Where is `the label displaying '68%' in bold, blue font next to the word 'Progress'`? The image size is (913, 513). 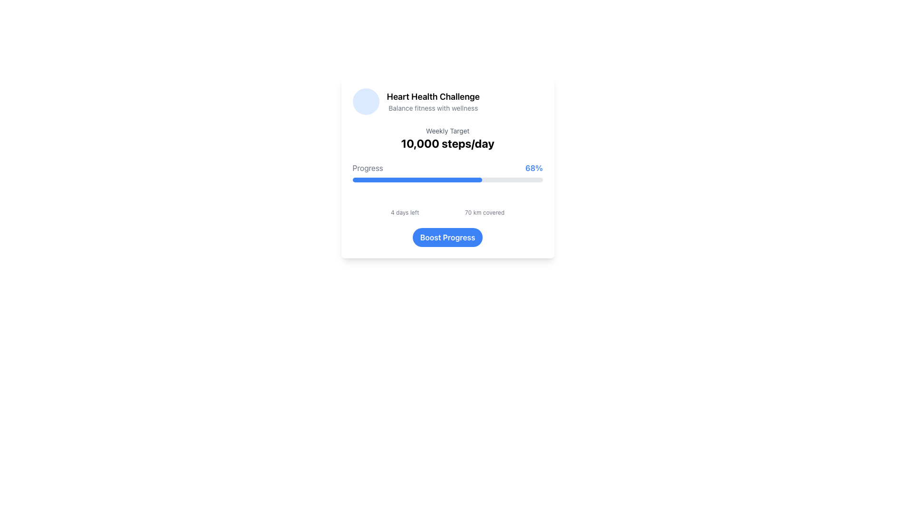 the label displaying '68%' in bold, blue font next to the word 'Progress' is located at coordinates (534, 168).